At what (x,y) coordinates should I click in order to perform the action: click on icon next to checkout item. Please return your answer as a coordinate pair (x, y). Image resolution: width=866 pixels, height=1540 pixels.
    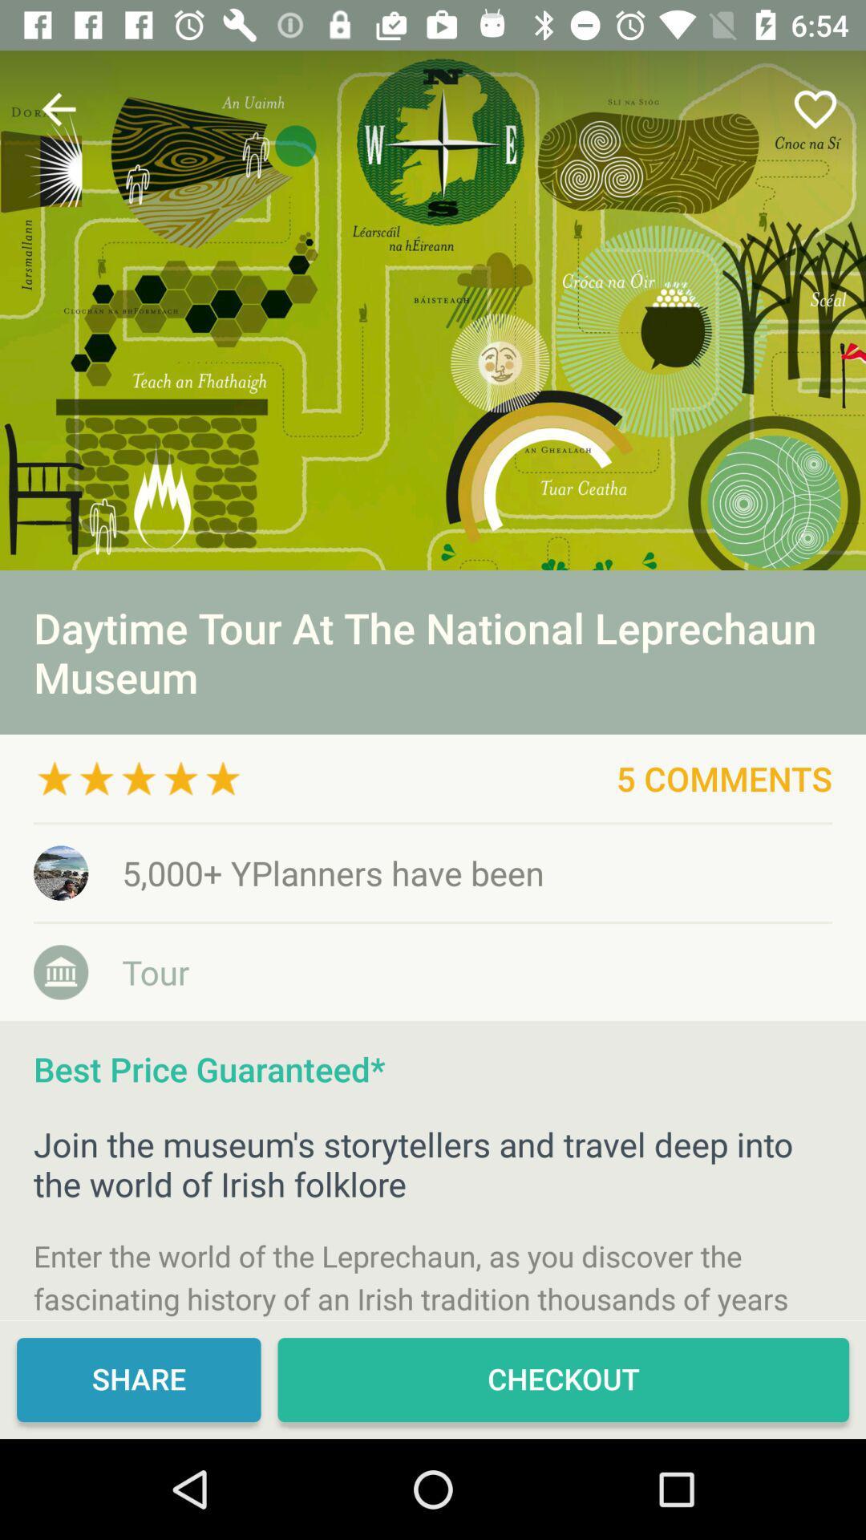
    Looking at the image, I should click on (138, 1379).